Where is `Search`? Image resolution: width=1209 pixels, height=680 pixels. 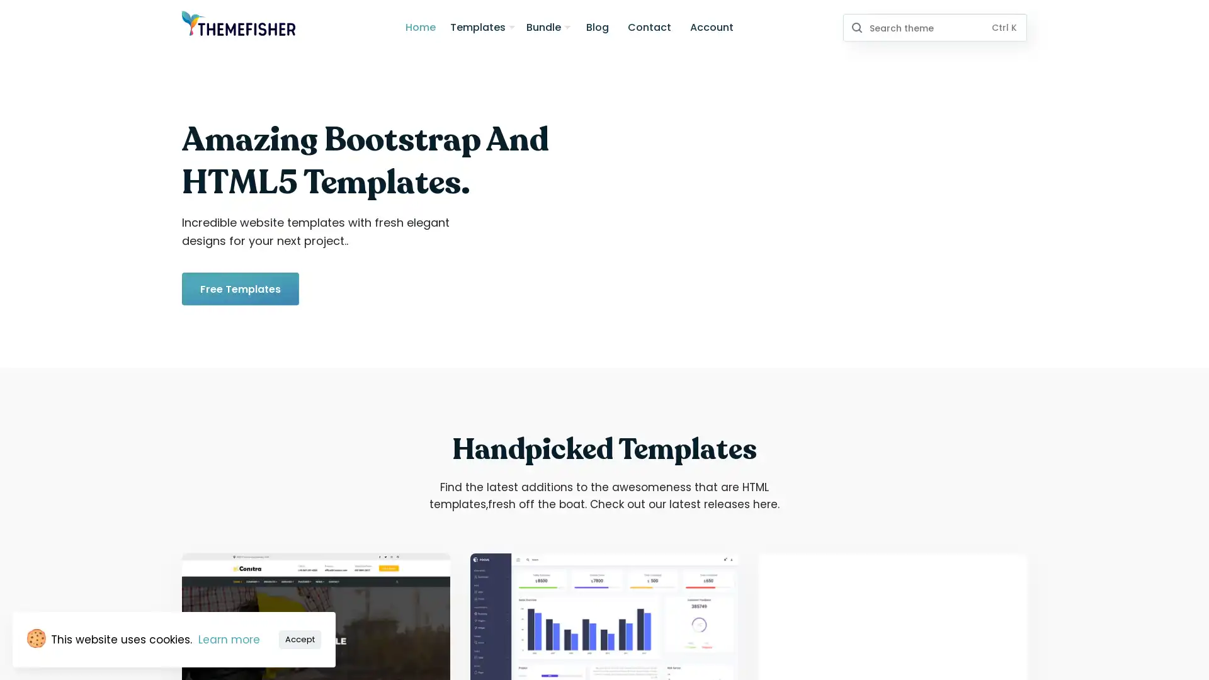
Search is located at coordinates (856, 27).